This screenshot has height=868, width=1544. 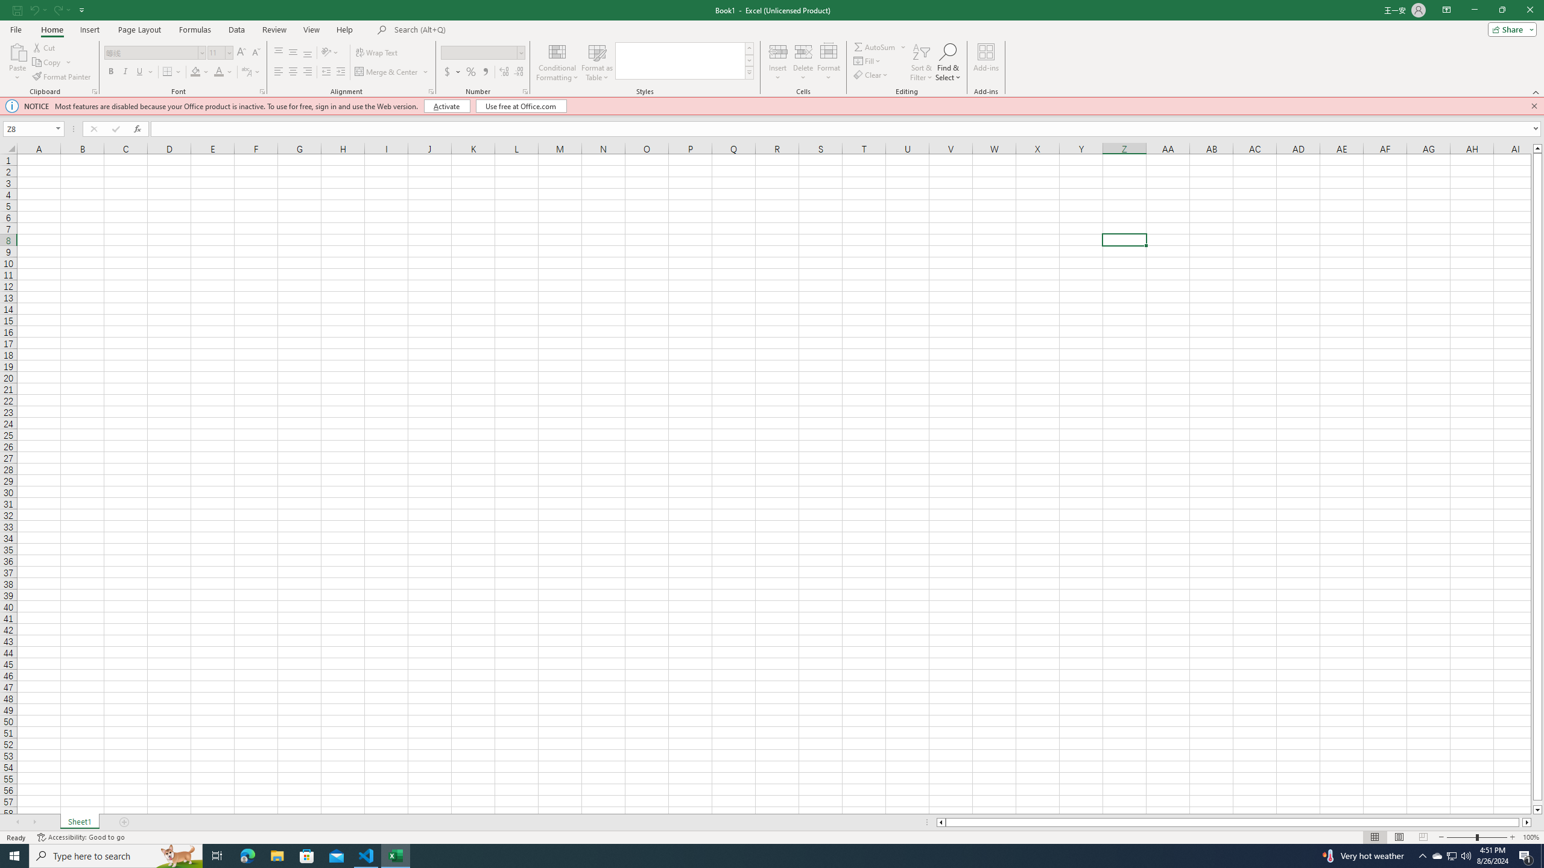 I want to click on 'Decrease Indent', so click(x=326, y=71).